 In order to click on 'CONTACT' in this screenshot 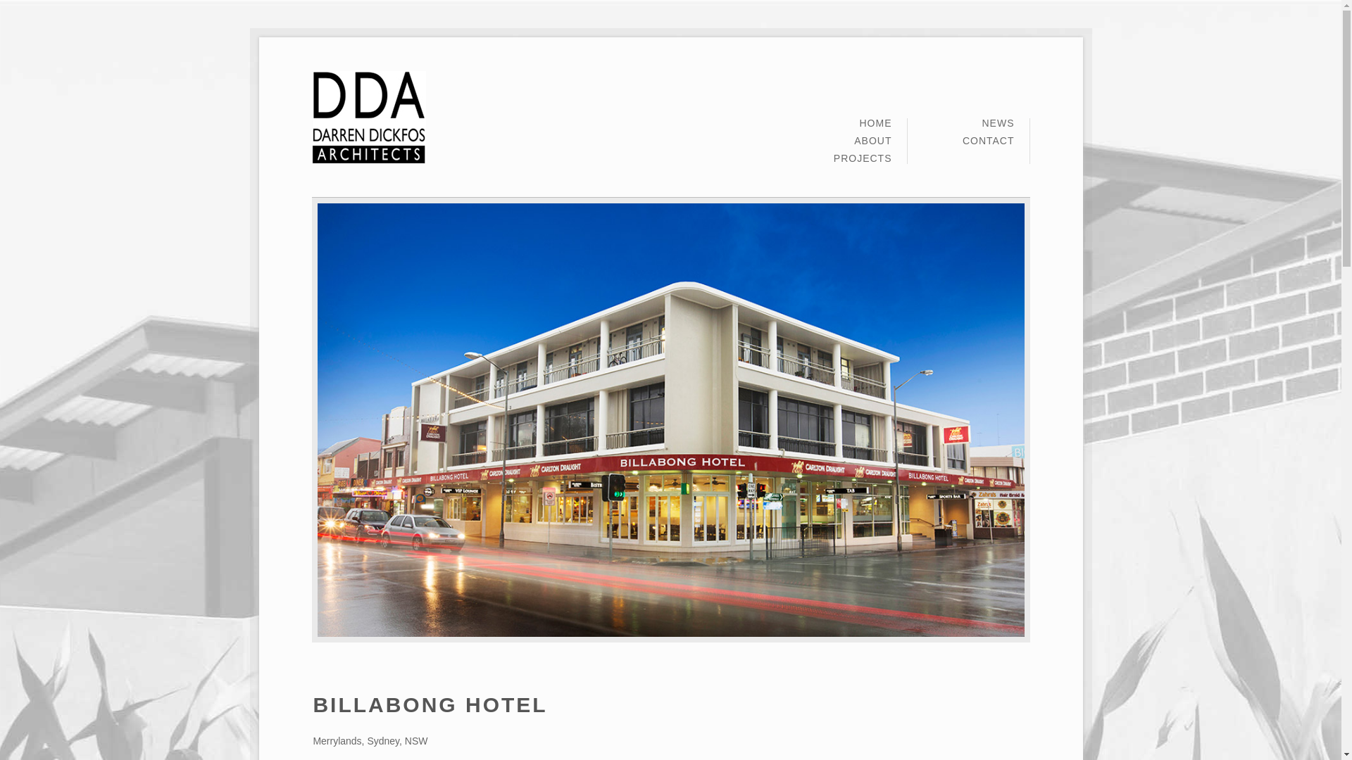, I will do `click(987, 141)`.